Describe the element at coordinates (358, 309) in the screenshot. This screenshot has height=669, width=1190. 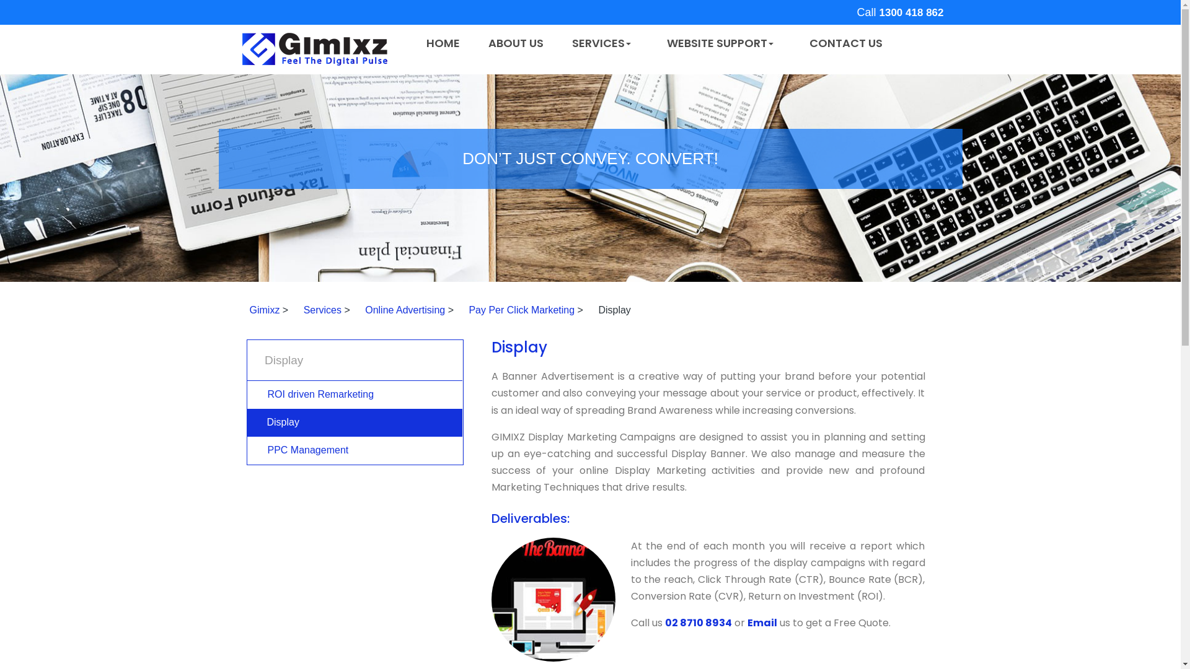
I see `'Online Advertising'` at that location.